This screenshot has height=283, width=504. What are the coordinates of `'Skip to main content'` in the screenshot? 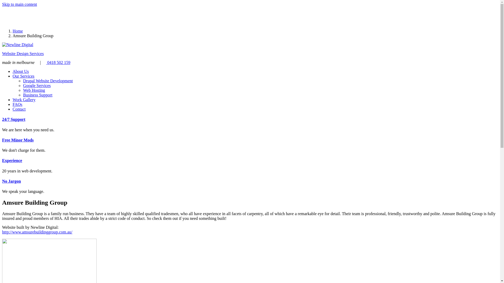 It's located at (19, 4).